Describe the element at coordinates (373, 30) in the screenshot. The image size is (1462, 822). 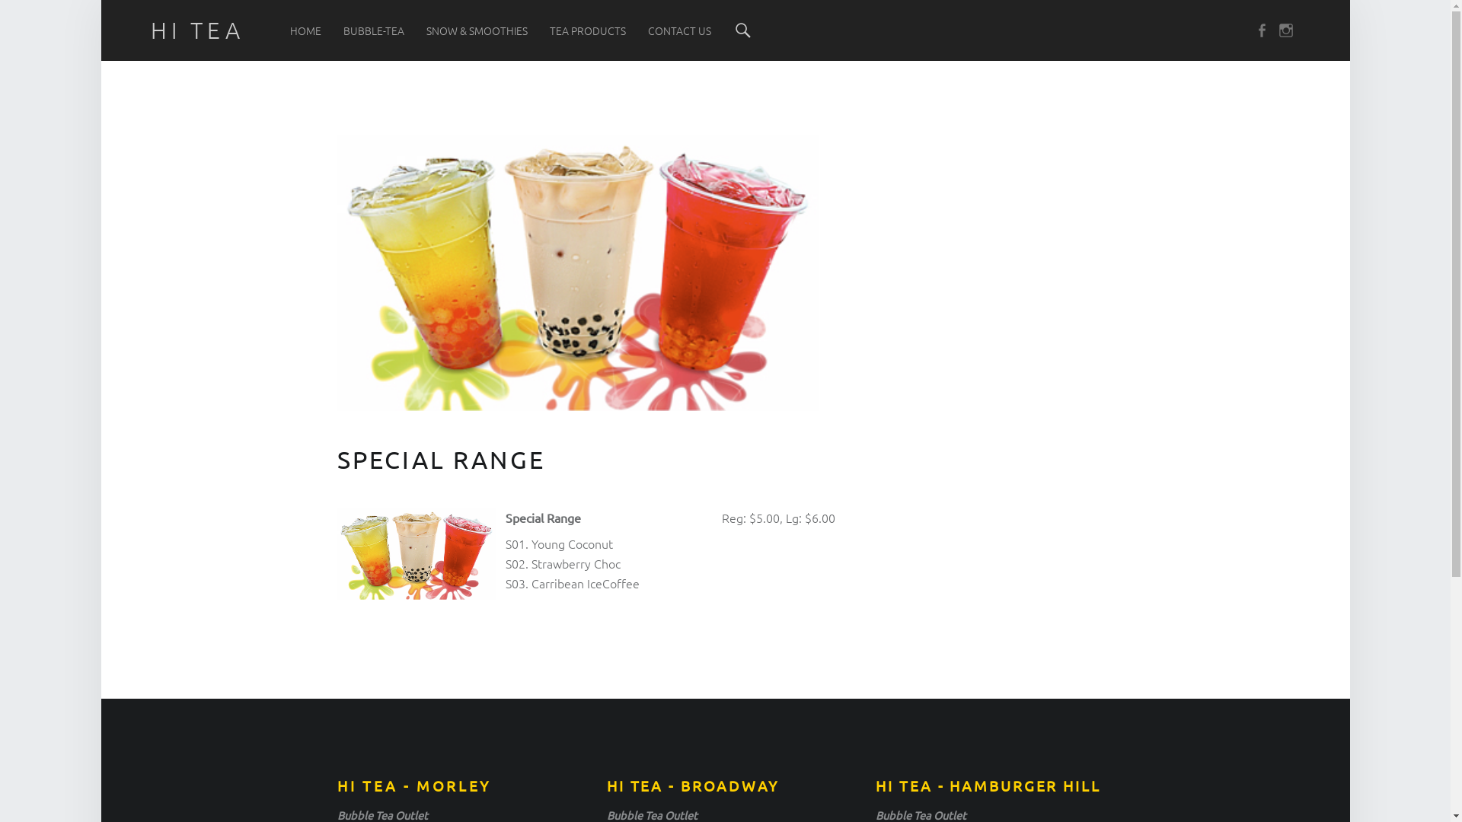
I see `'BUBBLE-TEA'` at that location.